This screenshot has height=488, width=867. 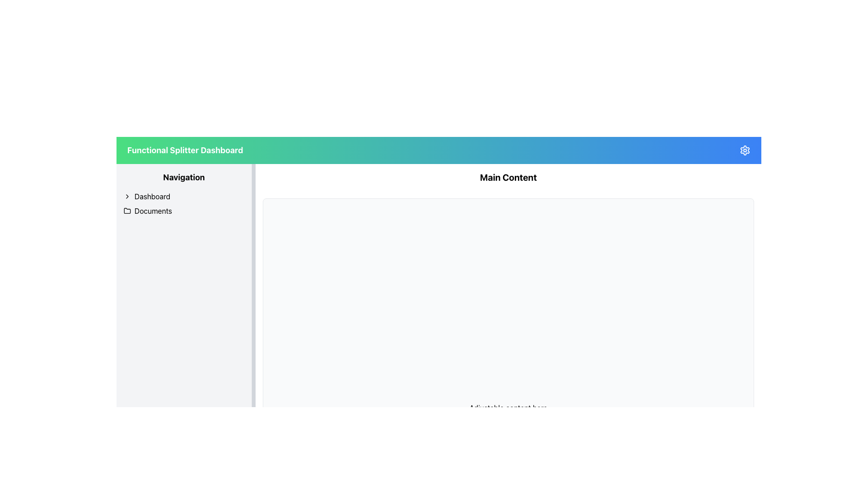 What do you see at coordinates (185, 150) in the screenshot?
I see `the Text Label that serves as a title indicating 'Functional Splitter Dashboard', located on the left side of the header bar` at bounding box center [185, 150].